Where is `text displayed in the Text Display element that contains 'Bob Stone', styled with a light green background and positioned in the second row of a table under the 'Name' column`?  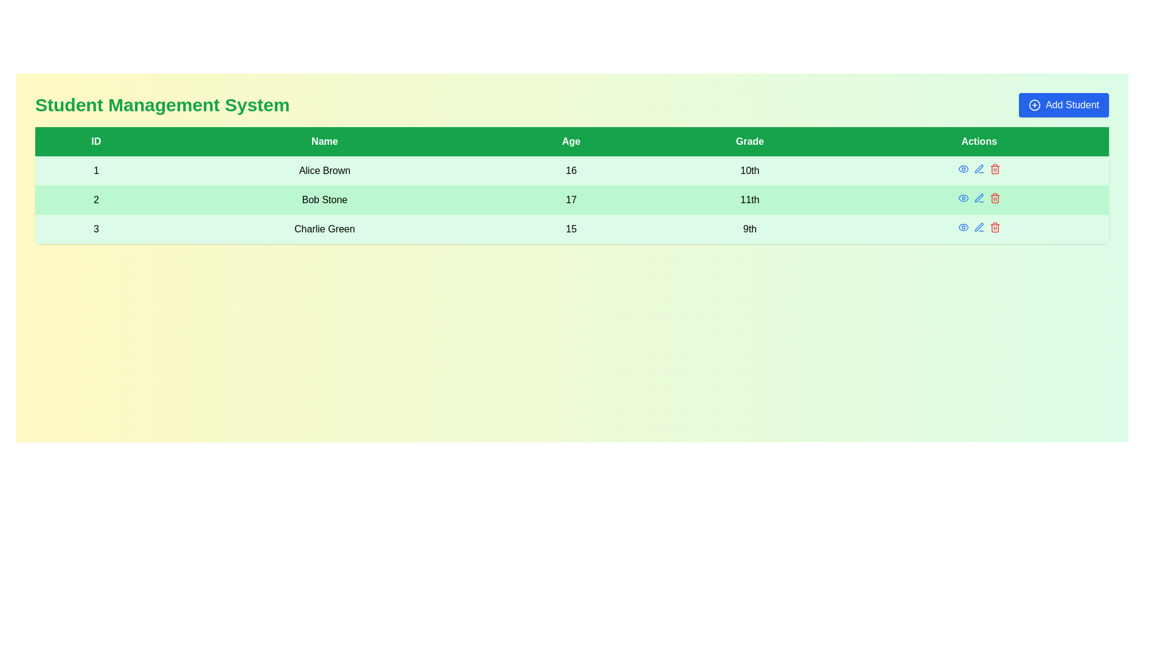 text displayed in the Text Display element that contains 'Bob Stone', styled with a light green background and positioned in the second row of a table under the 'Name' column is located at coordinates (324, 199).